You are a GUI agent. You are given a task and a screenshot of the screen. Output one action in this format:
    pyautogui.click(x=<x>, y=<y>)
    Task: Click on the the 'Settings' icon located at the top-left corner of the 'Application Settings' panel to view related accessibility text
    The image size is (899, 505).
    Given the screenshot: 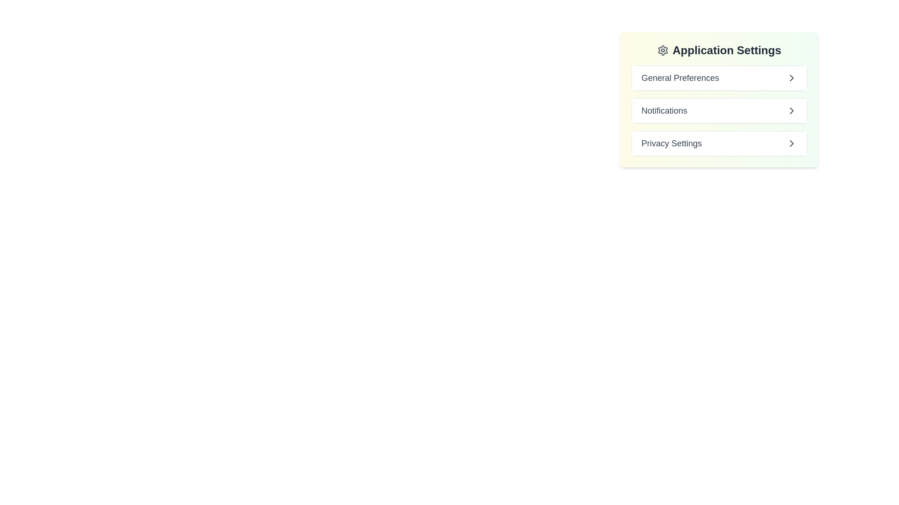 What is the action you would take?
    pyautogui.click(x=663, y=50)
    